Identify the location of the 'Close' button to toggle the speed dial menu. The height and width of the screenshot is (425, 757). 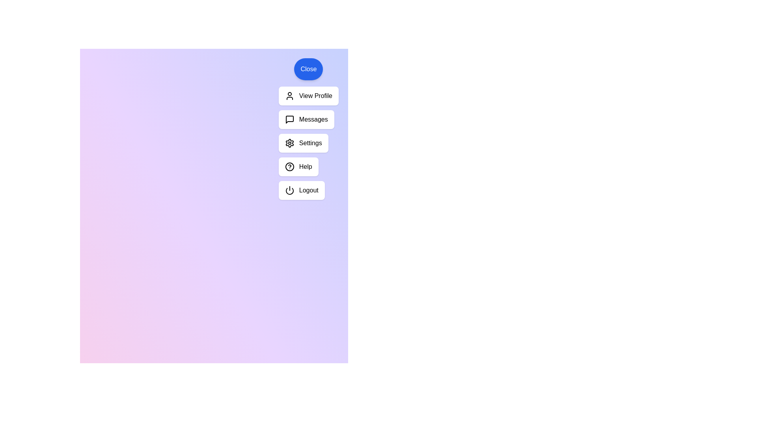
(308, 69).